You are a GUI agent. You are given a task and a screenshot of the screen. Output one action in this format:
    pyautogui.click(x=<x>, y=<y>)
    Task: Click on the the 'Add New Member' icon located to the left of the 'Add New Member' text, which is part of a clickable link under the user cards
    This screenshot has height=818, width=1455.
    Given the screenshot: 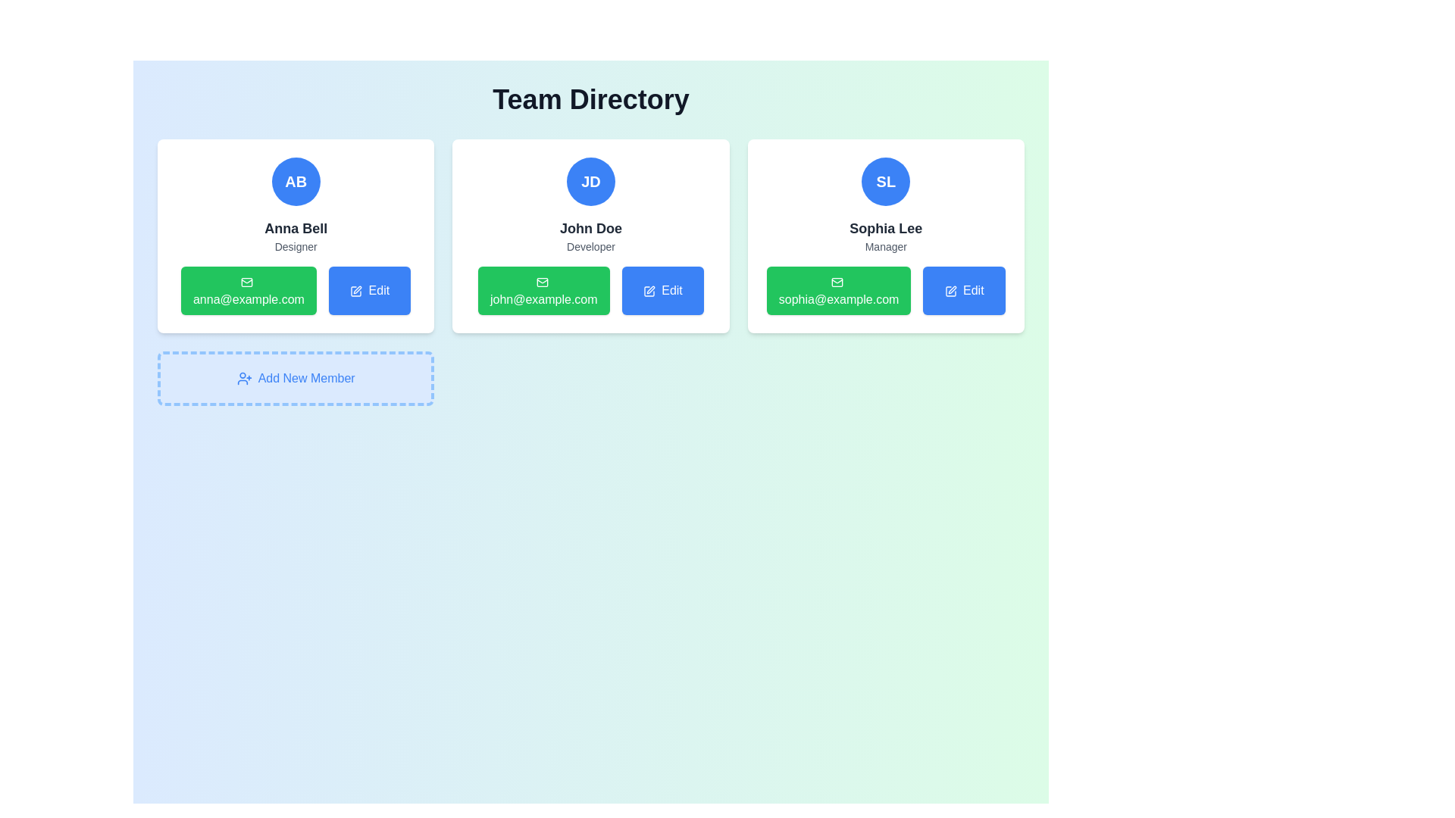 What is the action you would take?
    pyautogui.click(x=244, y=378)
    